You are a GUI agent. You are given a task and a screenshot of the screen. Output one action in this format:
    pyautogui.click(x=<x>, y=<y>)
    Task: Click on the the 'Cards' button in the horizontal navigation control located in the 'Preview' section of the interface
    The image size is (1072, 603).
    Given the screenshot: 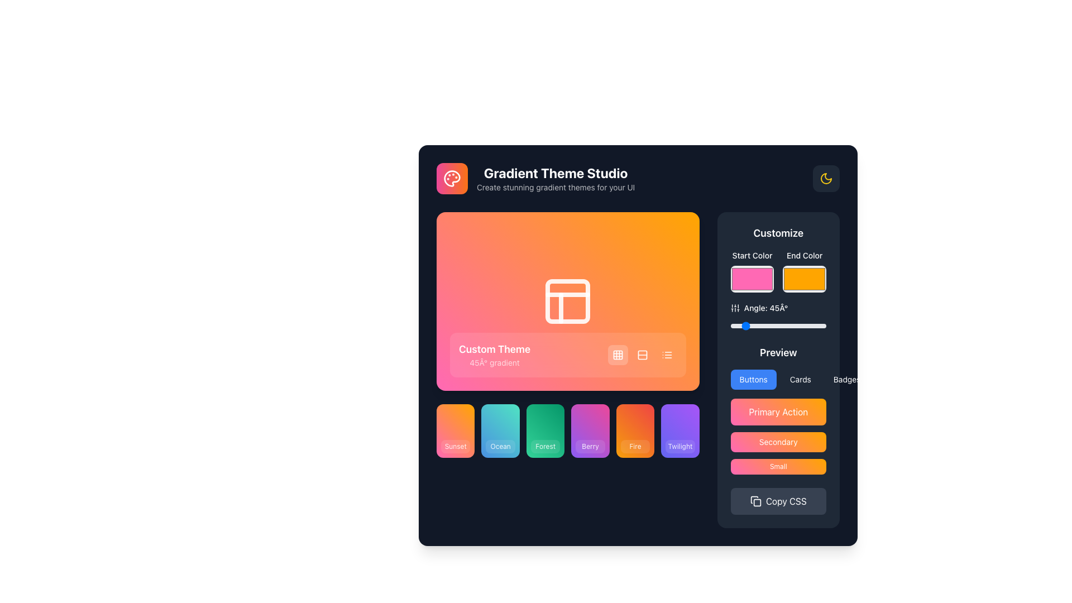 What is the action you would take?
    pyautogui.click(x=777, y=379)
    